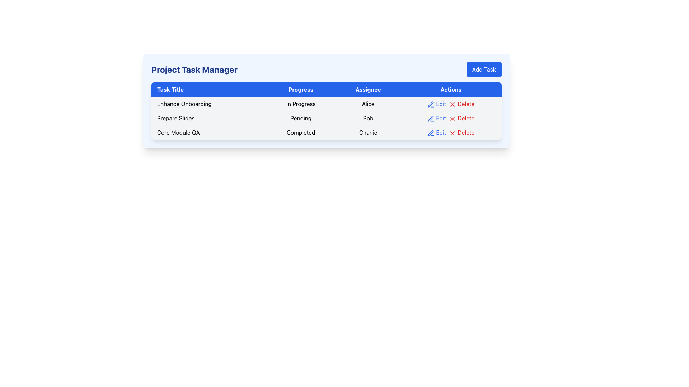 The height and width of the screenshot is (387, 689). What do you see at coordinates (431, 104) in the screenshot?
I see `the blue outlined pen icon located to the left of the 'Edit' label in the 'Actions' column of the table row corresponding to the task 'Prepare Slides'` at bounding box center [431, 104].